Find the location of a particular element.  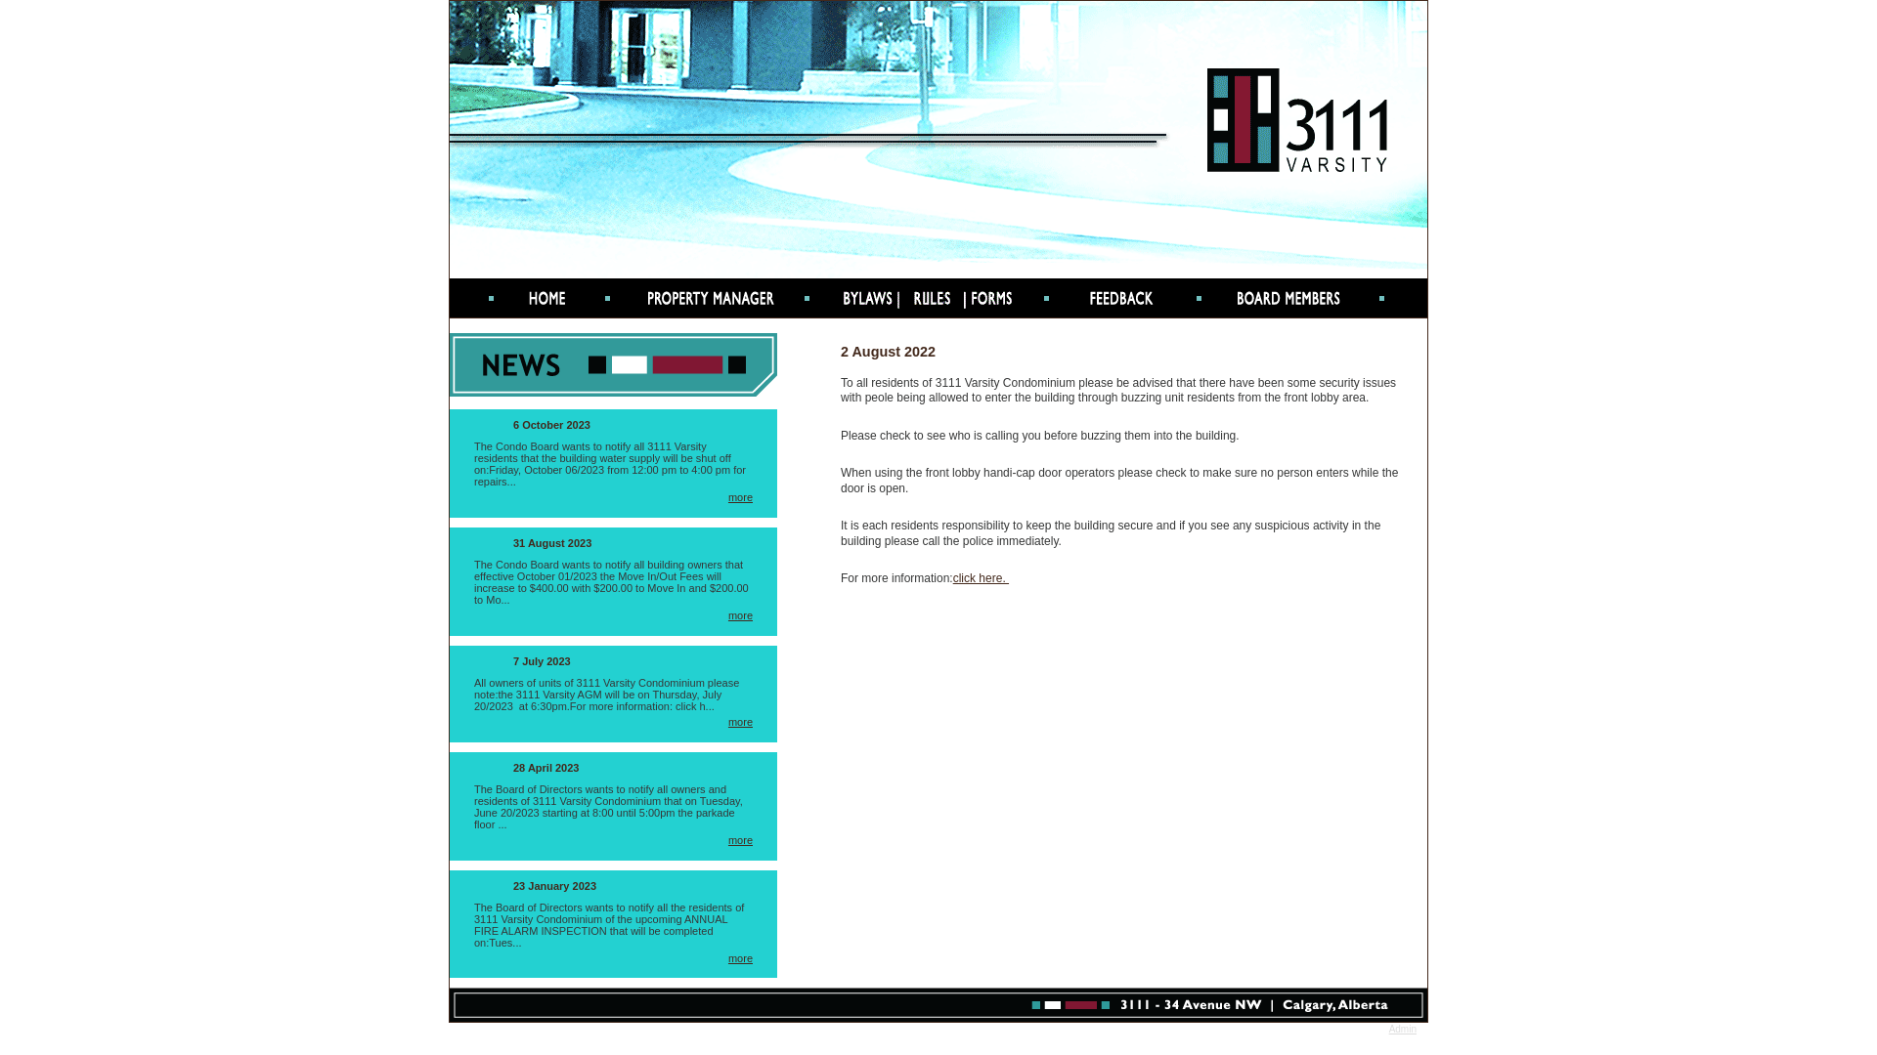

'more' is located at coordinates (739, 956).